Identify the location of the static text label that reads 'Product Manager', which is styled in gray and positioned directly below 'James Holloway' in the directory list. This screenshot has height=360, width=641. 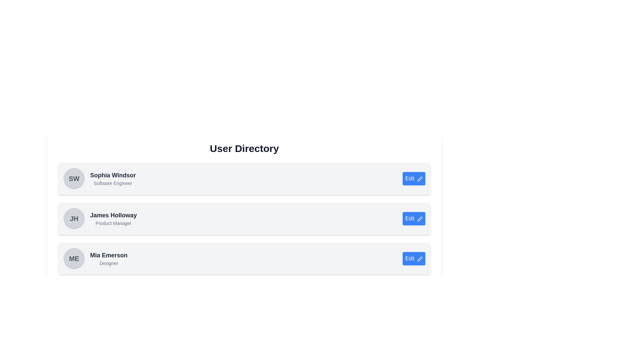
(114, 223).